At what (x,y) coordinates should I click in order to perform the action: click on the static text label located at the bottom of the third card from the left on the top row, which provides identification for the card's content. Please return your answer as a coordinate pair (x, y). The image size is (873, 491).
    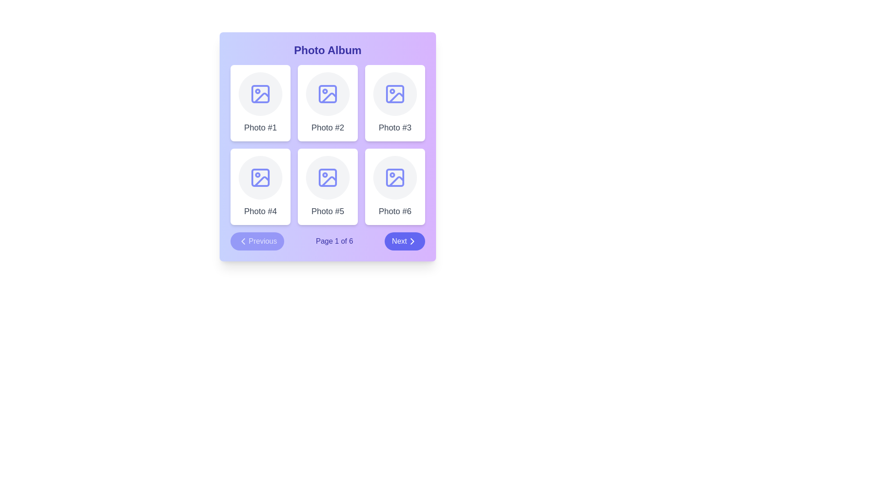
    Looking at the image, I should click on (395, 128).